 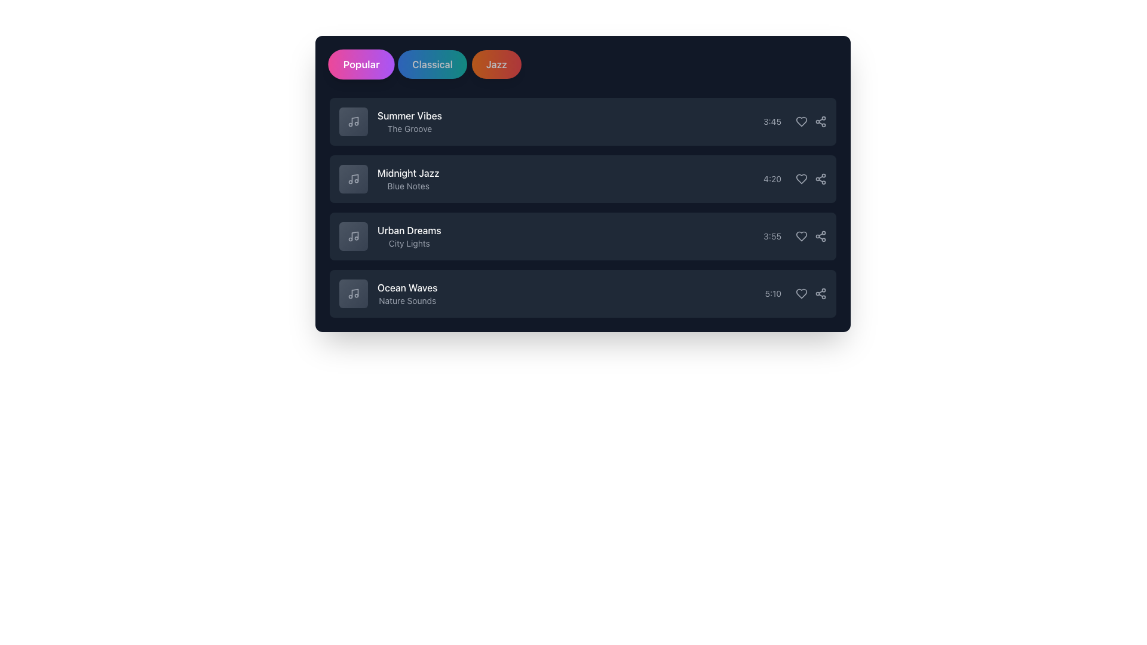 What do you see at coordinates (432, 64) in the screenshot?
I see `the rounded button with a gradient background labeled 'Classical'` at bounding box center [432, 64].